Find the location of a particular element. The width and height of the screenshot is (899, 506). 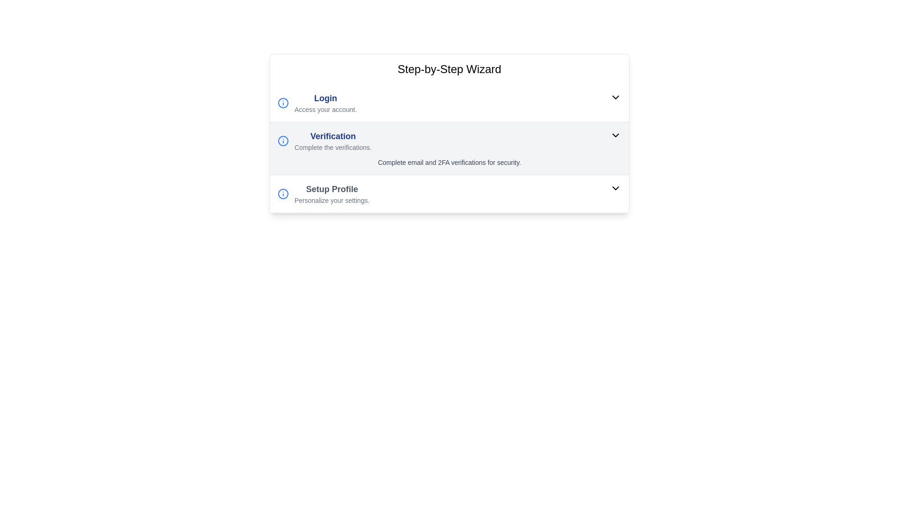

the bold blue text label 'Verification' which is centrally located in the second section of the step-by-step wizard interface, above the description text 'Complete the verifications.' and below a blue info icon is located at coordinates (333, 136).